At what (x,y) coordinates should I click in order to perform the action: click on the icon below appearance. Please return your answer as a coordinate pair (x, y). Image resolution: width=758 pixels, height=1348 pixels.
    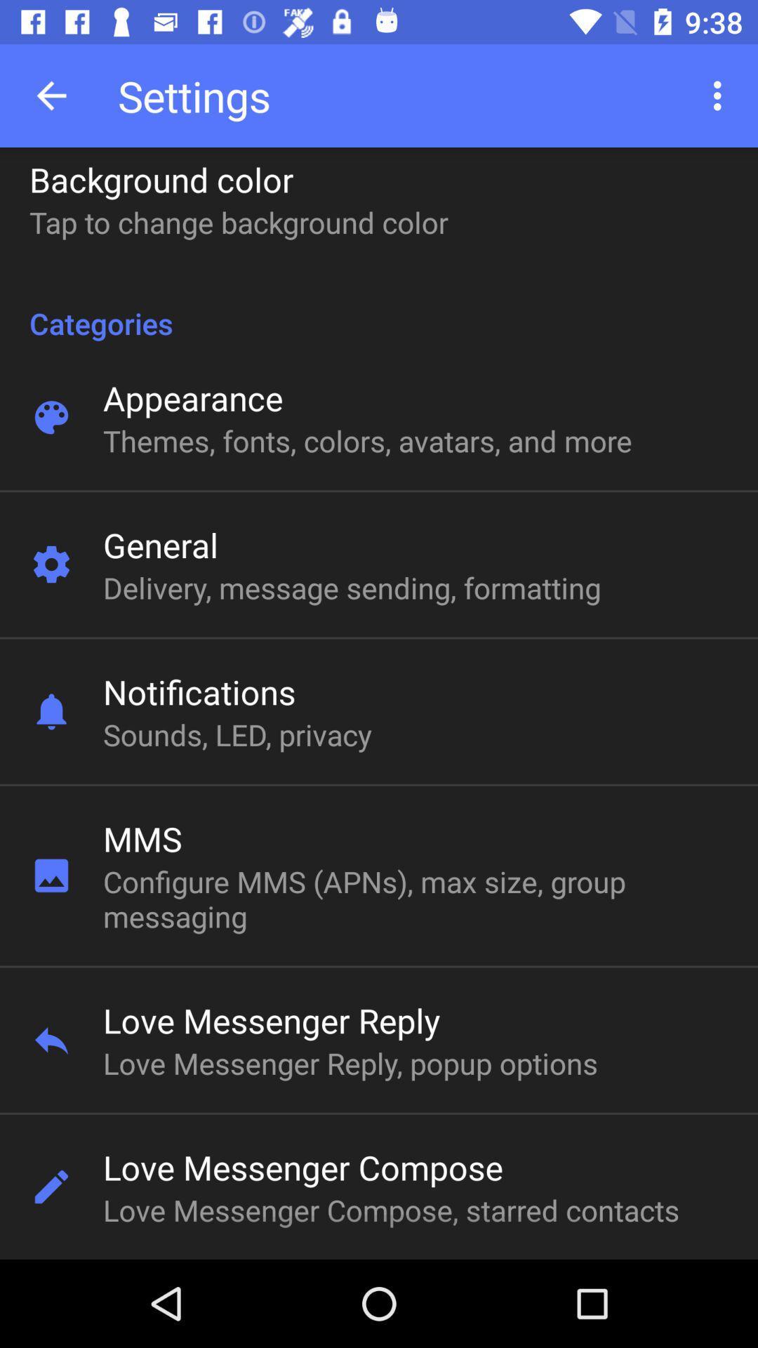
    Looking at the image, I should click on (366, 440).